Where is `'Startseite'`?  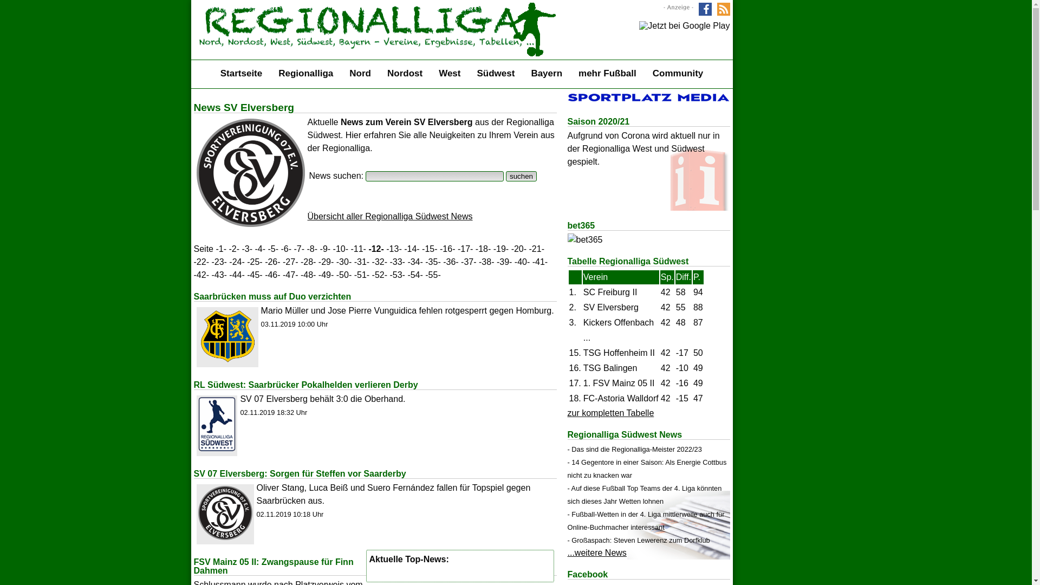 'Startseite' is located at coordinates (212, 73).